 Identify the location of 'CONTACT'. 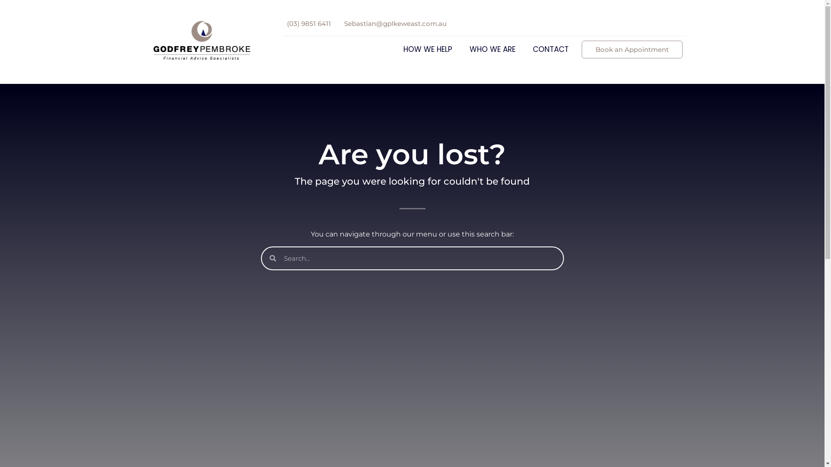
(550, 49).